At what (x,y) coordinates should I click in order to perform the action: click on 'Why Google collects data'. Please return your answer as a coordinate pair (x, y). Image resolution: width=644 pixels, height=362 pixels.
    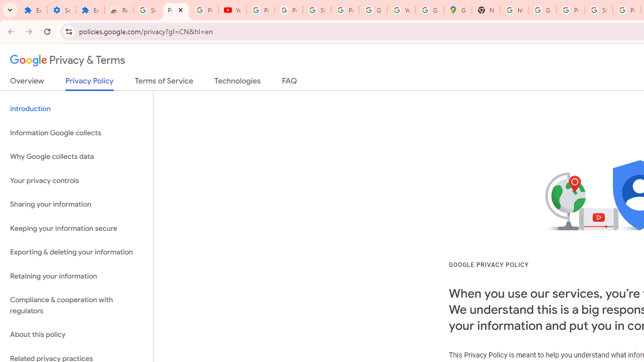
    Looking at the image, I should click on (76, 157).